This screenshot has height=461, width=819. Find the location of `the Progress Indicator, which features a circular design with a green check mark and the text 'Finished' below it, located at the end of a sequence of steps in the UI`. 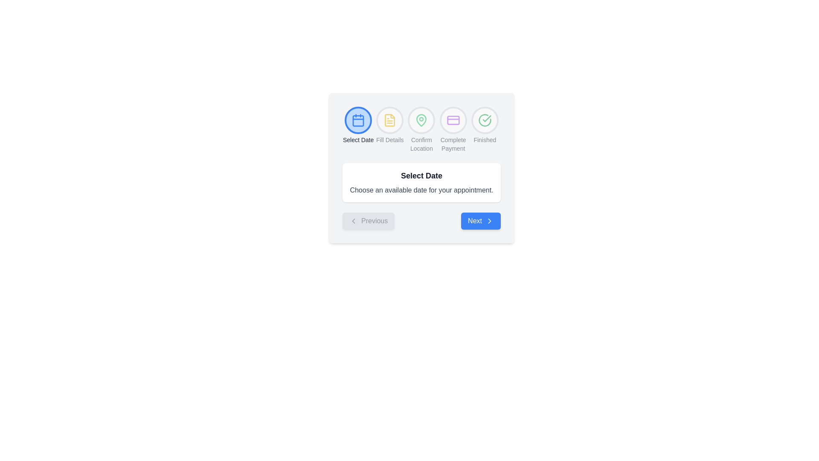

the Progress Indicator, which features a circular design with a green check mark and the text 'Finished' below it, located at the end of a sequence of steps in the UI is located at coordinates (485, 130).